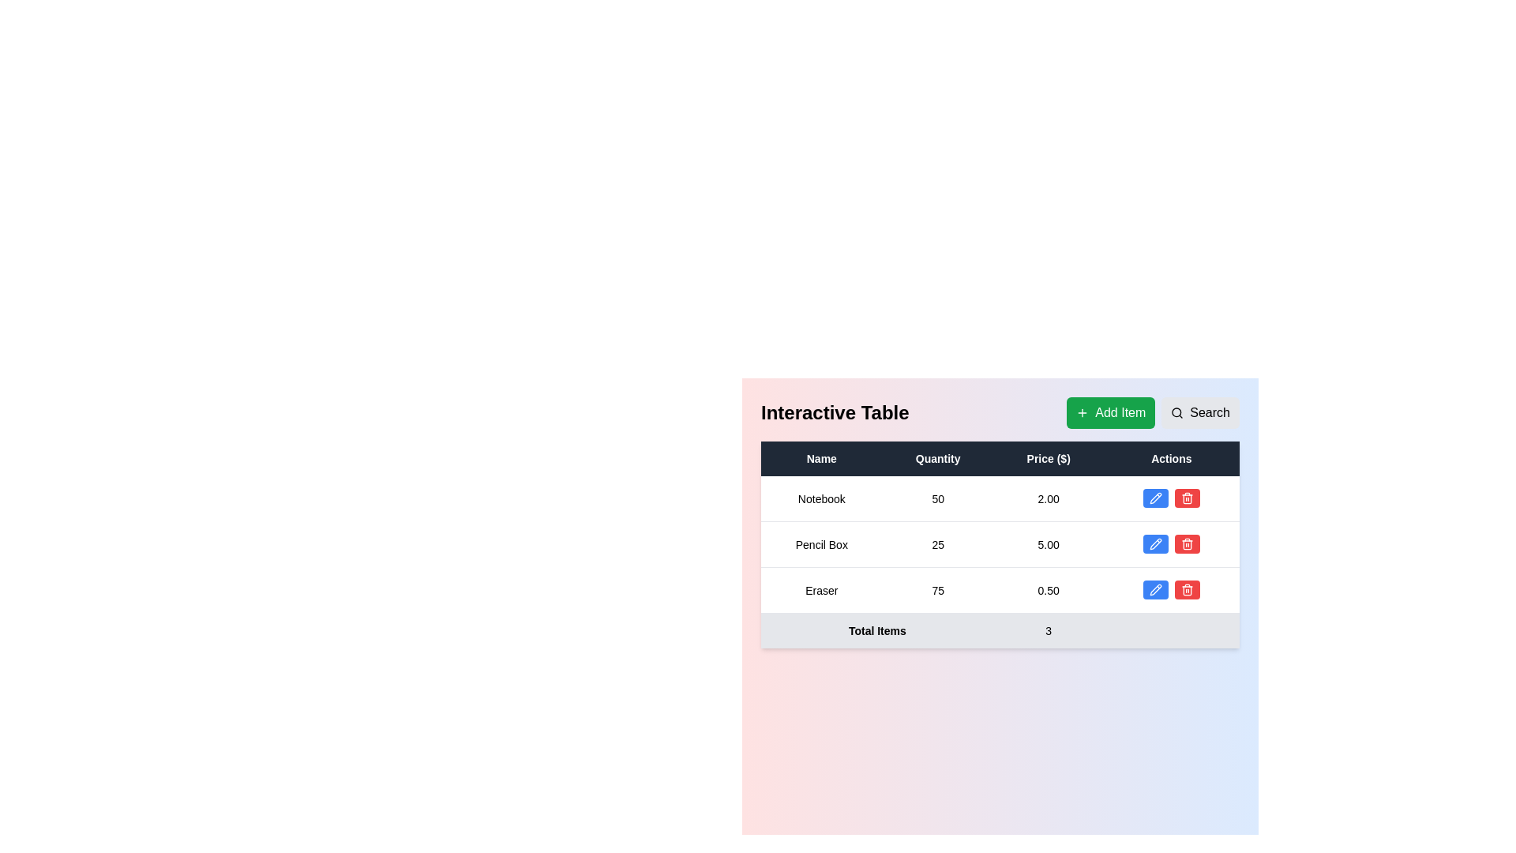  Describe the element at coordinates (821, 543) in the screenshot. I see `the text label displaying 'Pencil Box', which is located` at that location.